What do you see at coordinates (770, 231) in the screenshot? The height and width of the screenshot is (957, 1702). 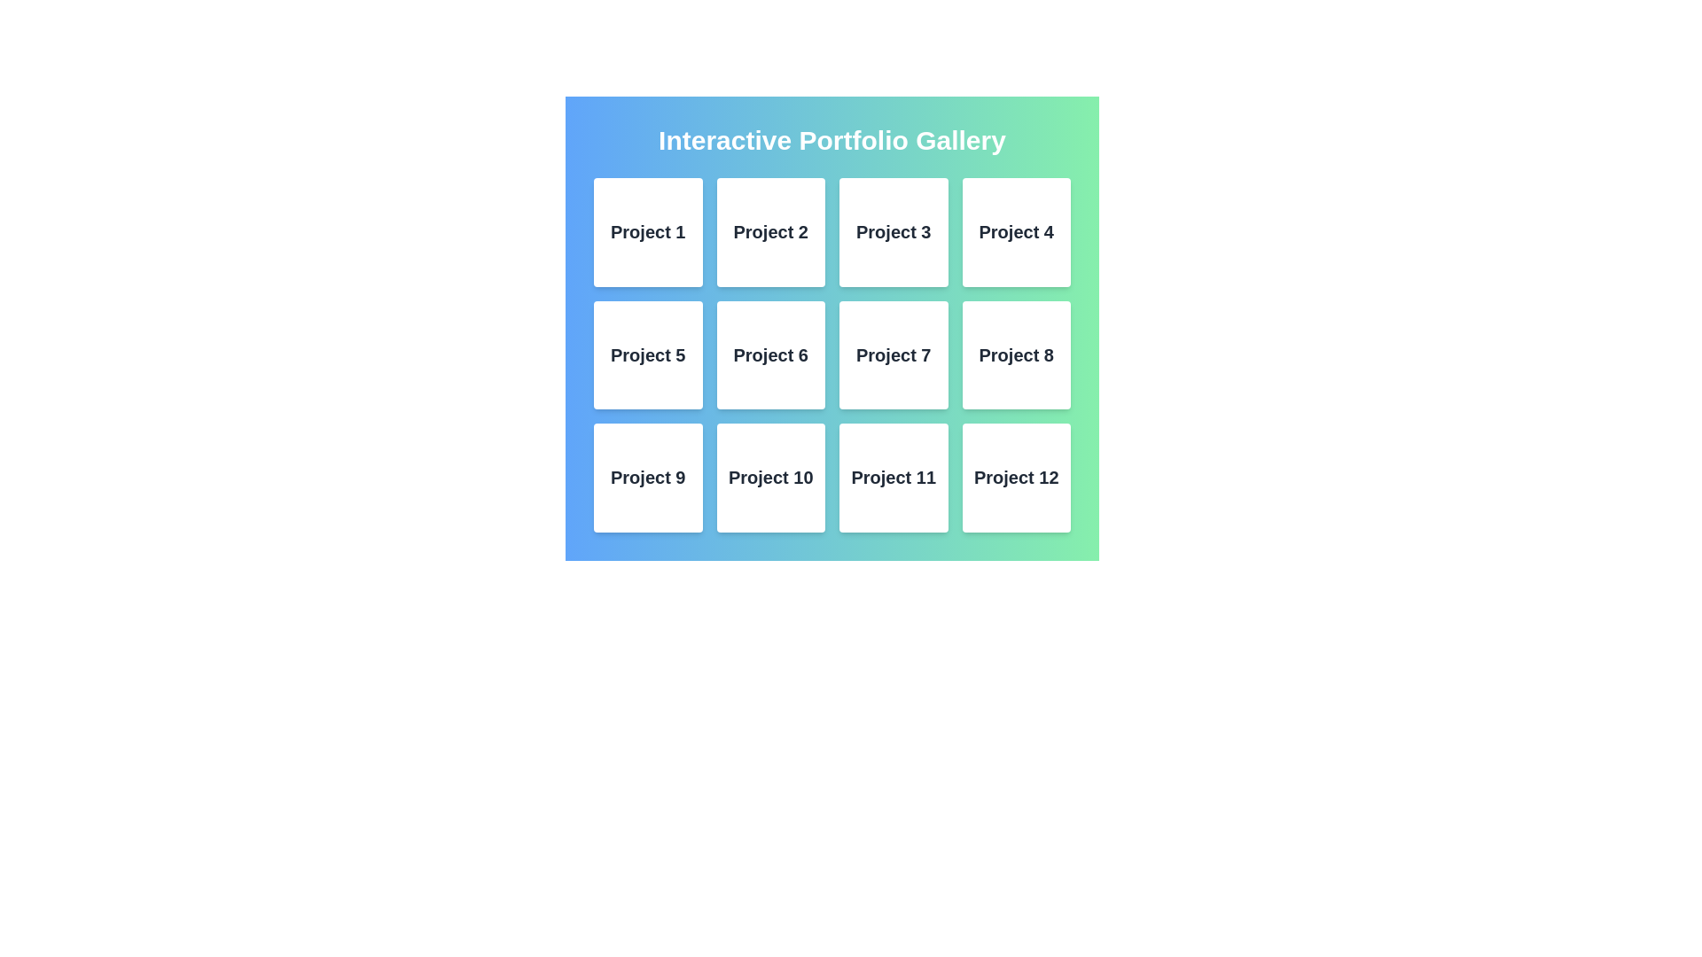 I see `the label card representing 'Project 2', which is the second card in a grid layout, located in the first row and second column` at bounding box center [770, 231].